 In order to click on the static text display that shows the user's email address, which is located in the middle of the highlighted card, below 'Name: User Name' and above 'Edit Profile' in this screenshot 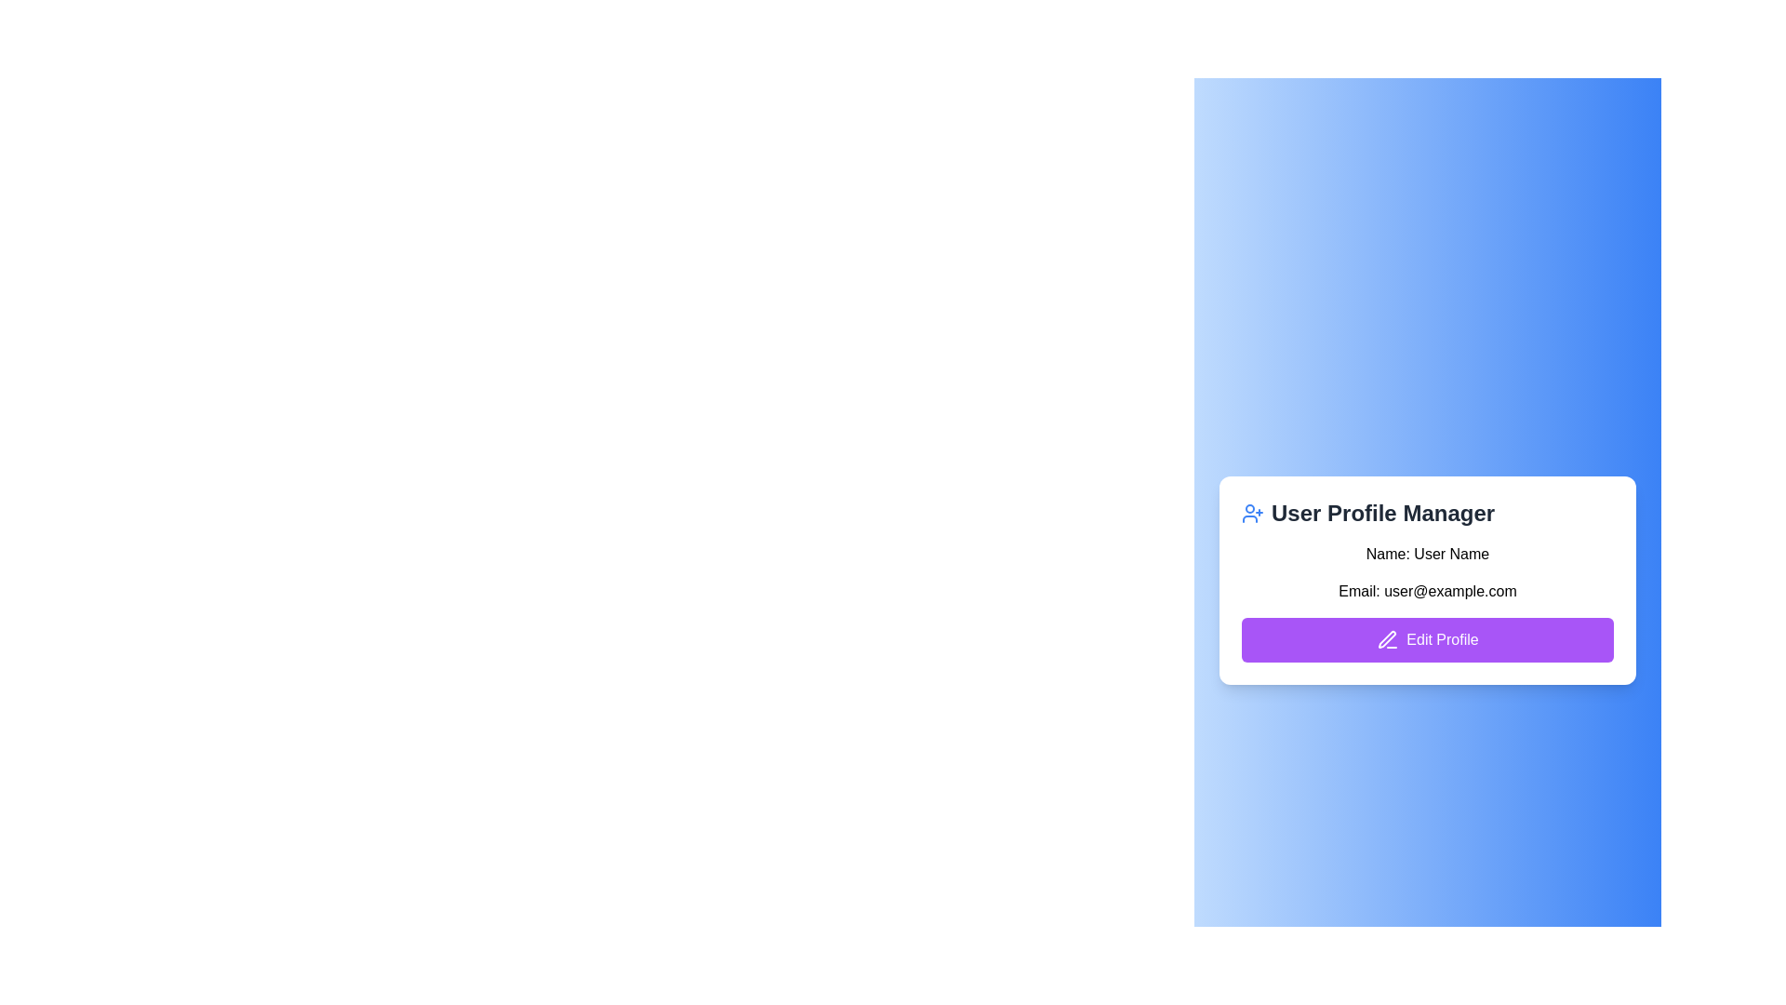, I will do `click(1427, 592)`.